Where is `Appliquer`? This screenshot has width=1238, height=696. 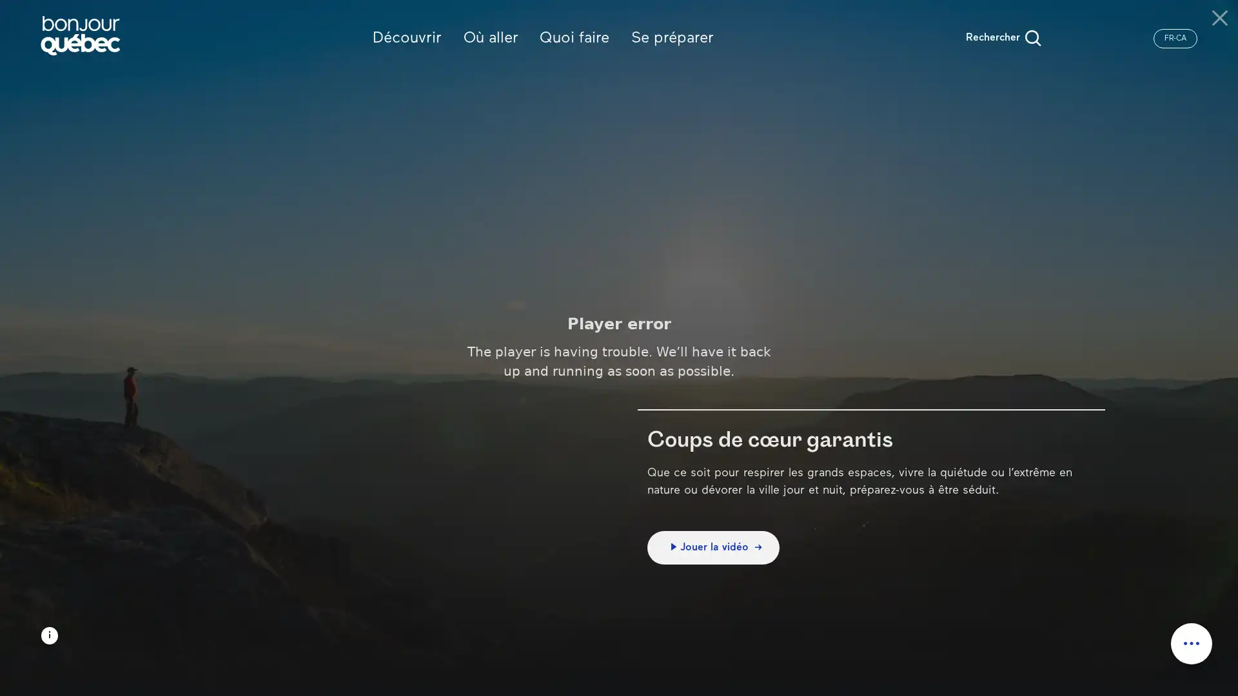 Appliquer is located at coordinates (1159, 403).